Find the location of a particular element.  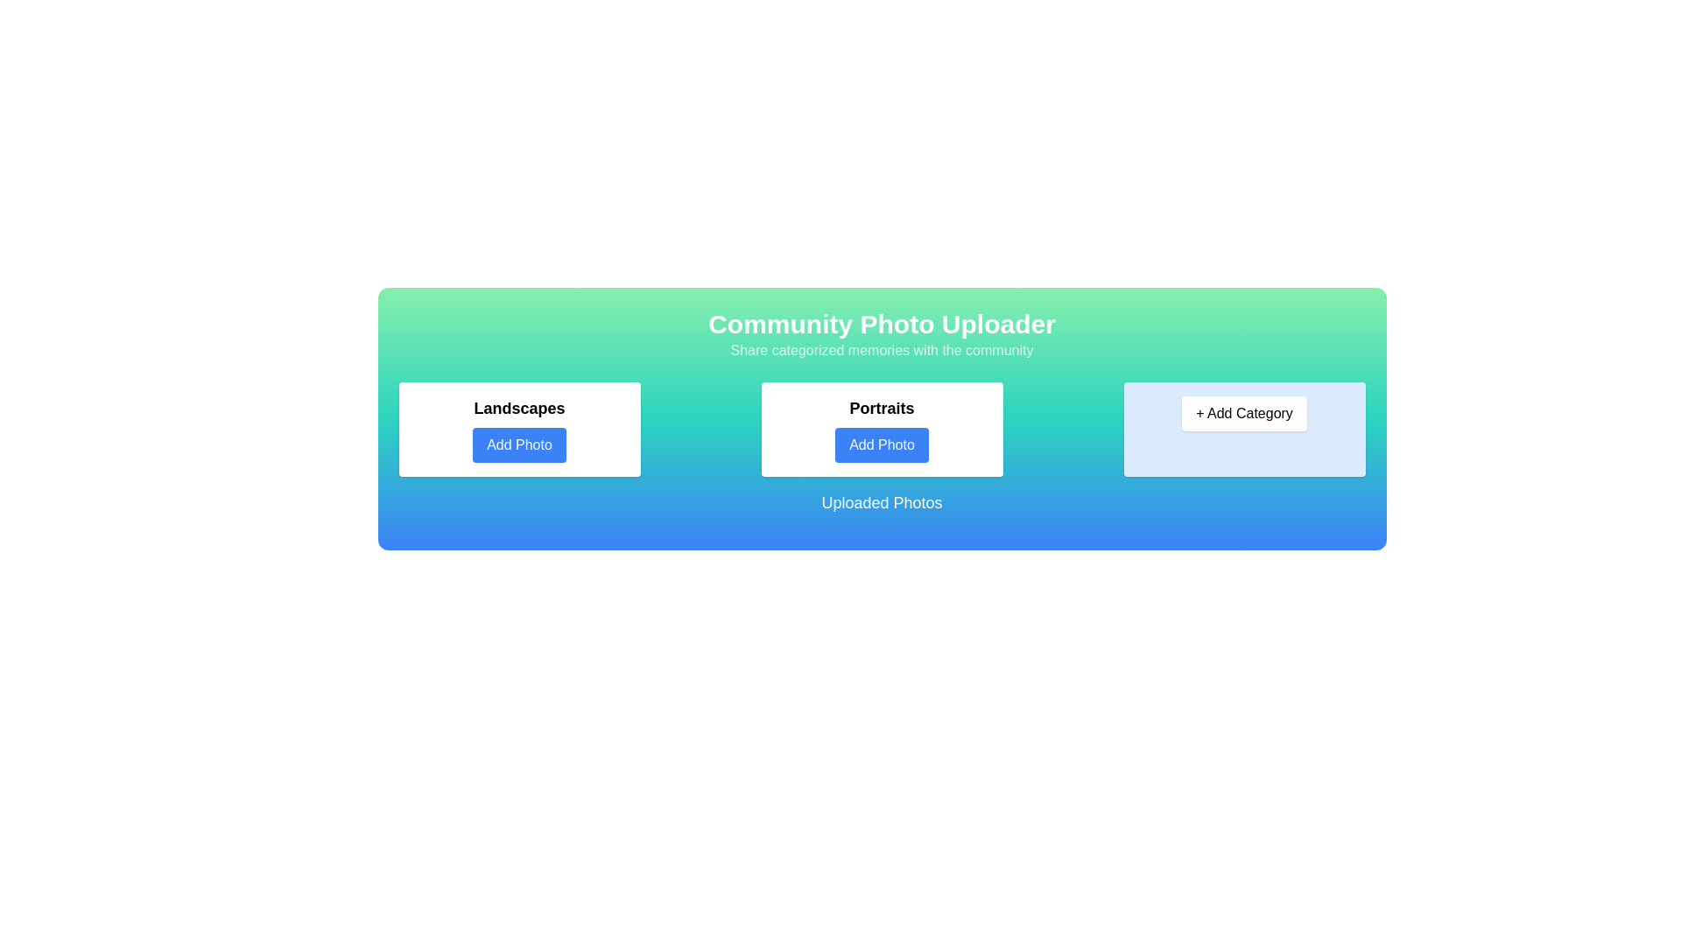

the 'Uploaded Photos' text label, which is styled in a large white font and positioned centrally below the interactive buttons for 'Landscapes,' 'Portraits,' and '+ Add Category.' is located at coordinates (882, 509).